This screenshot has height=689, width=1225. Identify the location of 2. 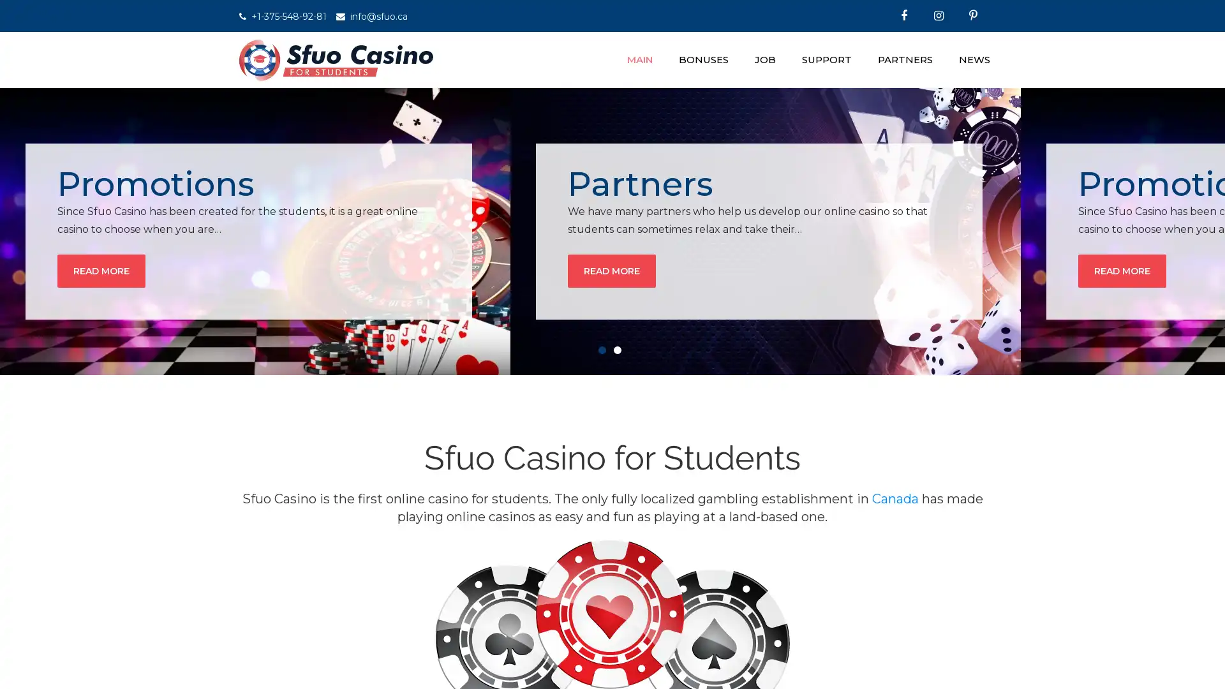
(620, 352).